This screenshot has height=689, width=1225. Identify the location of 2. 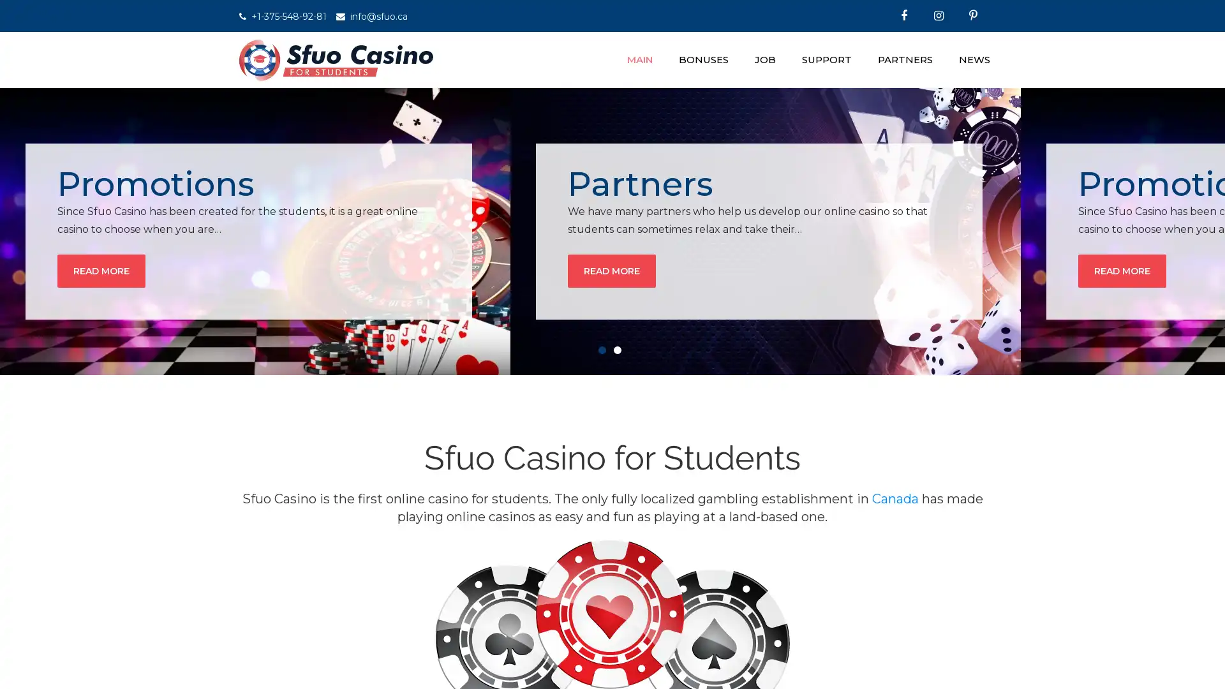
(620, 352).